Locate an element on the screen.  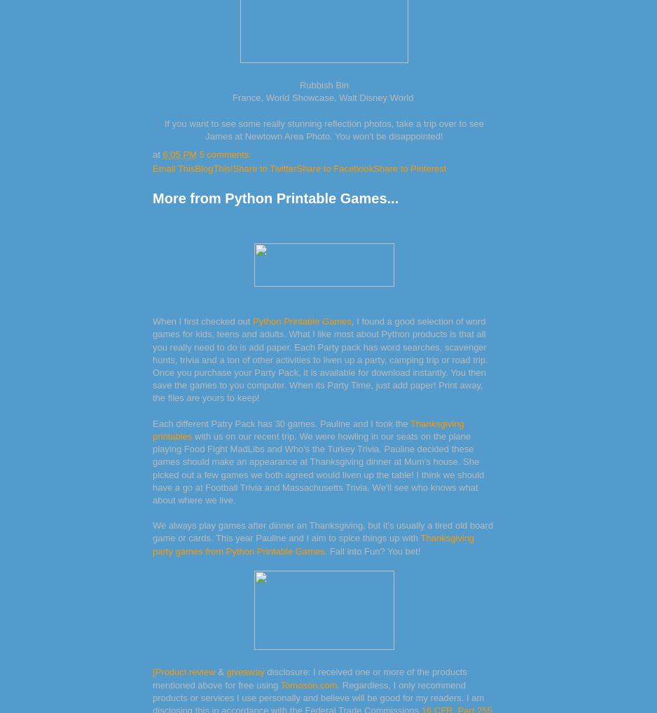
'from' is located at coordinates (213, 550).